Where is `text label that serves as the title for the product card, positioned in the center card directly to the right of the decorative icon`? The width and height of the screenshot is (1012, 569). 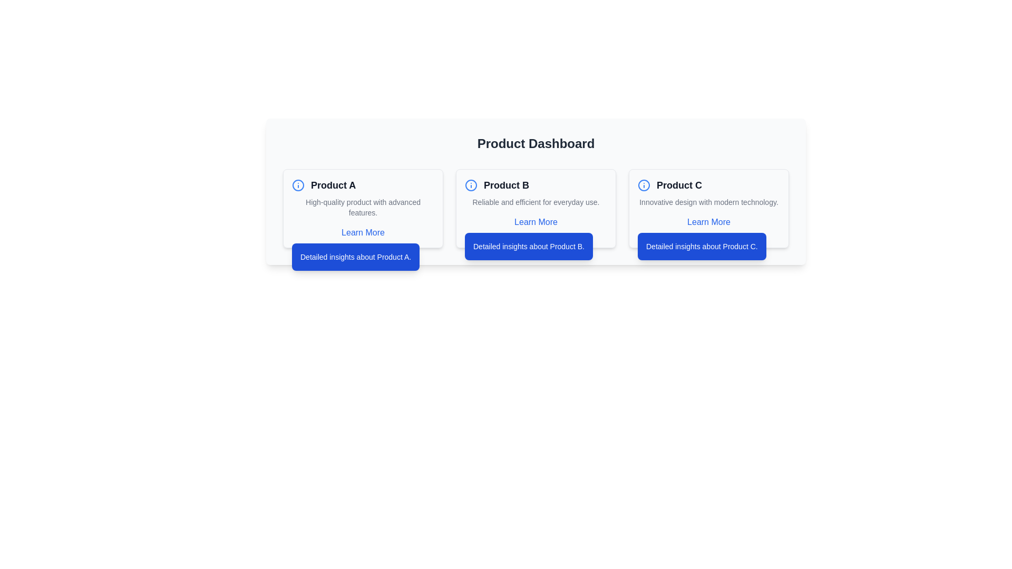
text label that serves as the title for the product card, positioned in the center card directly to the right of the decorative icon is located at coordinates (506, 184).